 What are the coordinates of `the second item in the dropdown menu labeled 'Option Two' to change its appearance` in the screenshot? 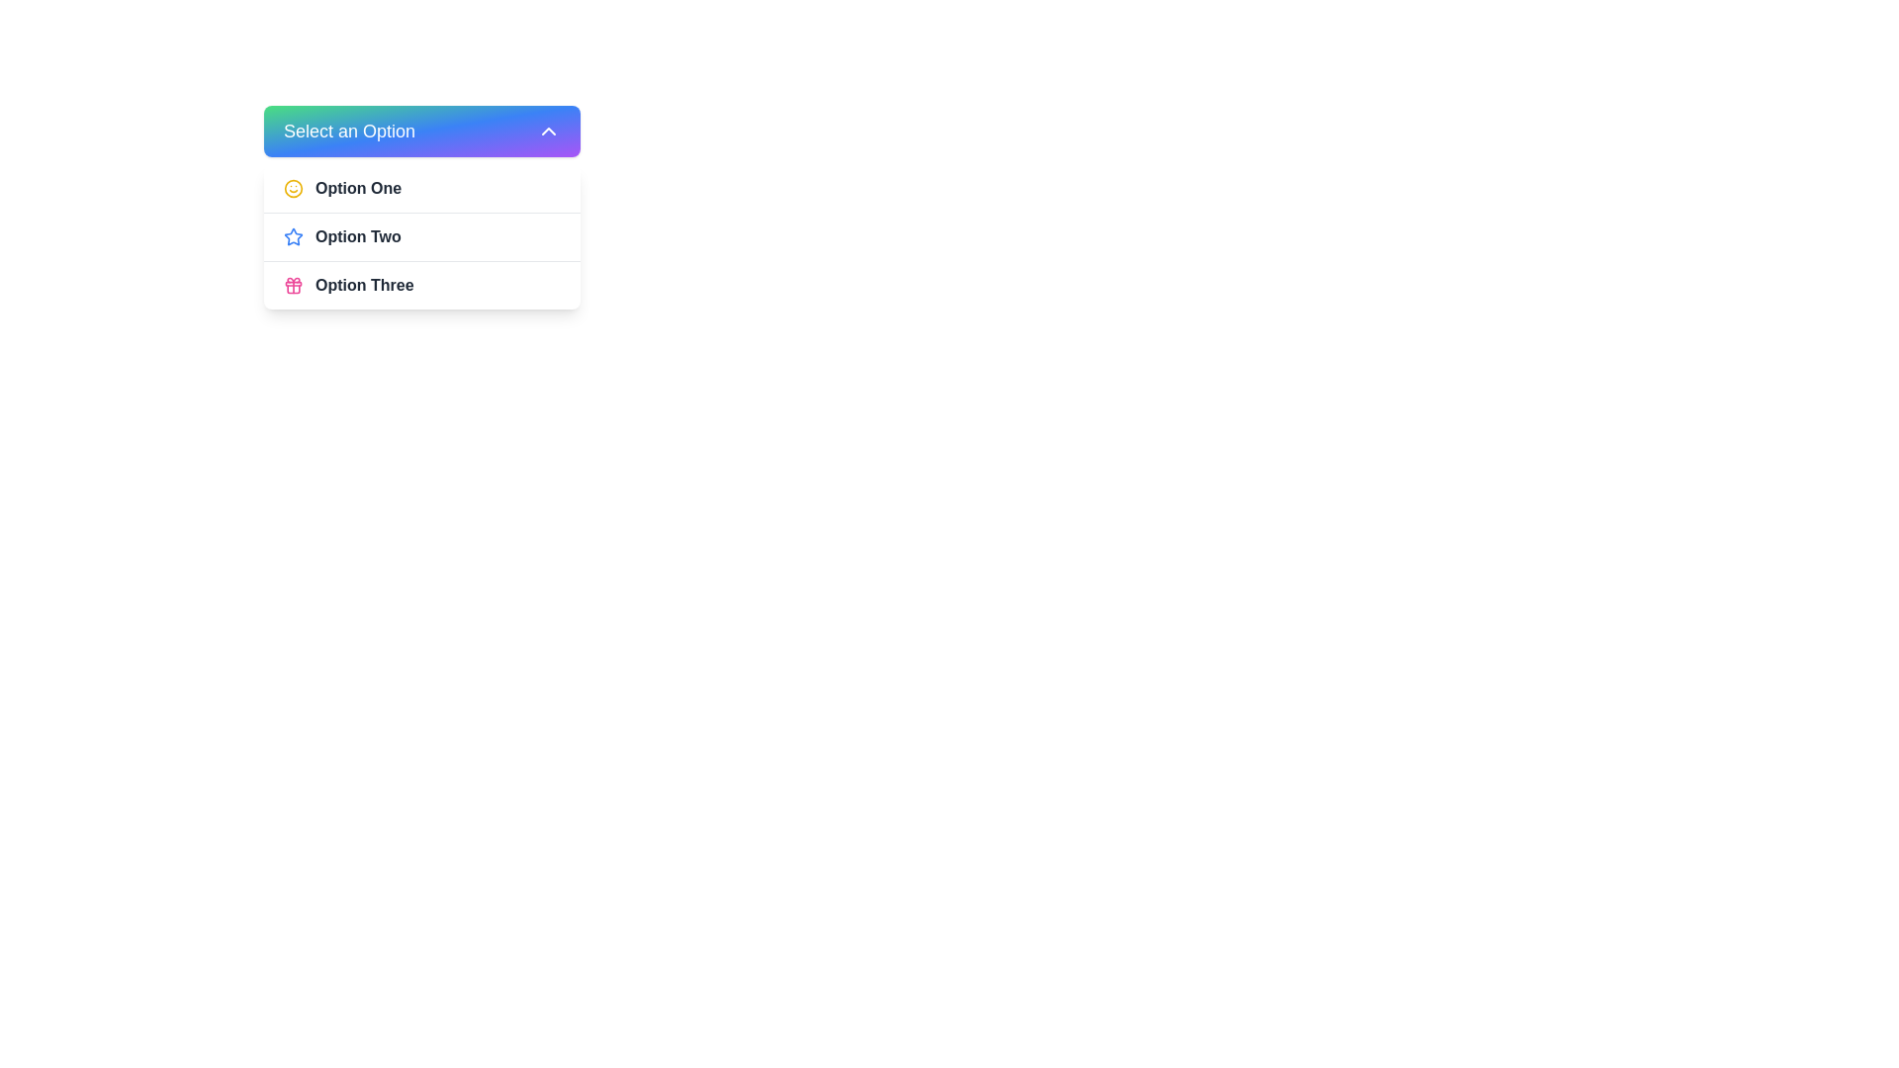 It's located at (421, 235).